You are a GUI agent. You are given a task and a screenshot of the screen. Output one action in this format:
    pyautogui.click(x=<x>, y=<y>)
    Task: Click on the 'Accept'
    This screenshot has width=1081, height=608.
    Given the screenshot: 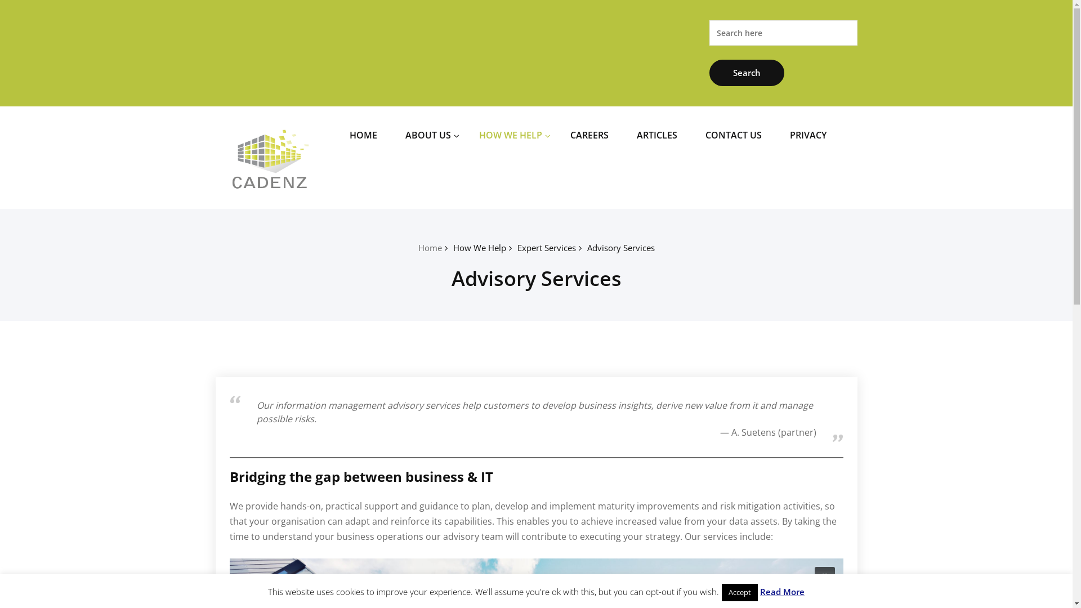 What is the action you would take?
    pyautogui.click(x=721, y=592)
    